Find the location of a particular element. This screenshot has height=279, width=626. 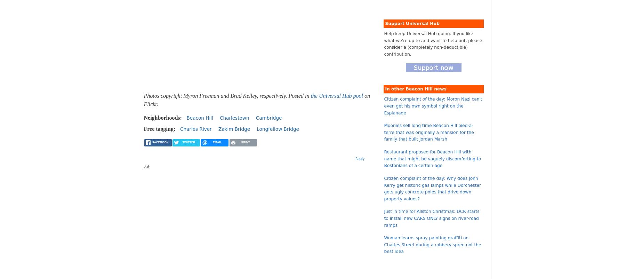

'email' is located at coordinates (217, 142).